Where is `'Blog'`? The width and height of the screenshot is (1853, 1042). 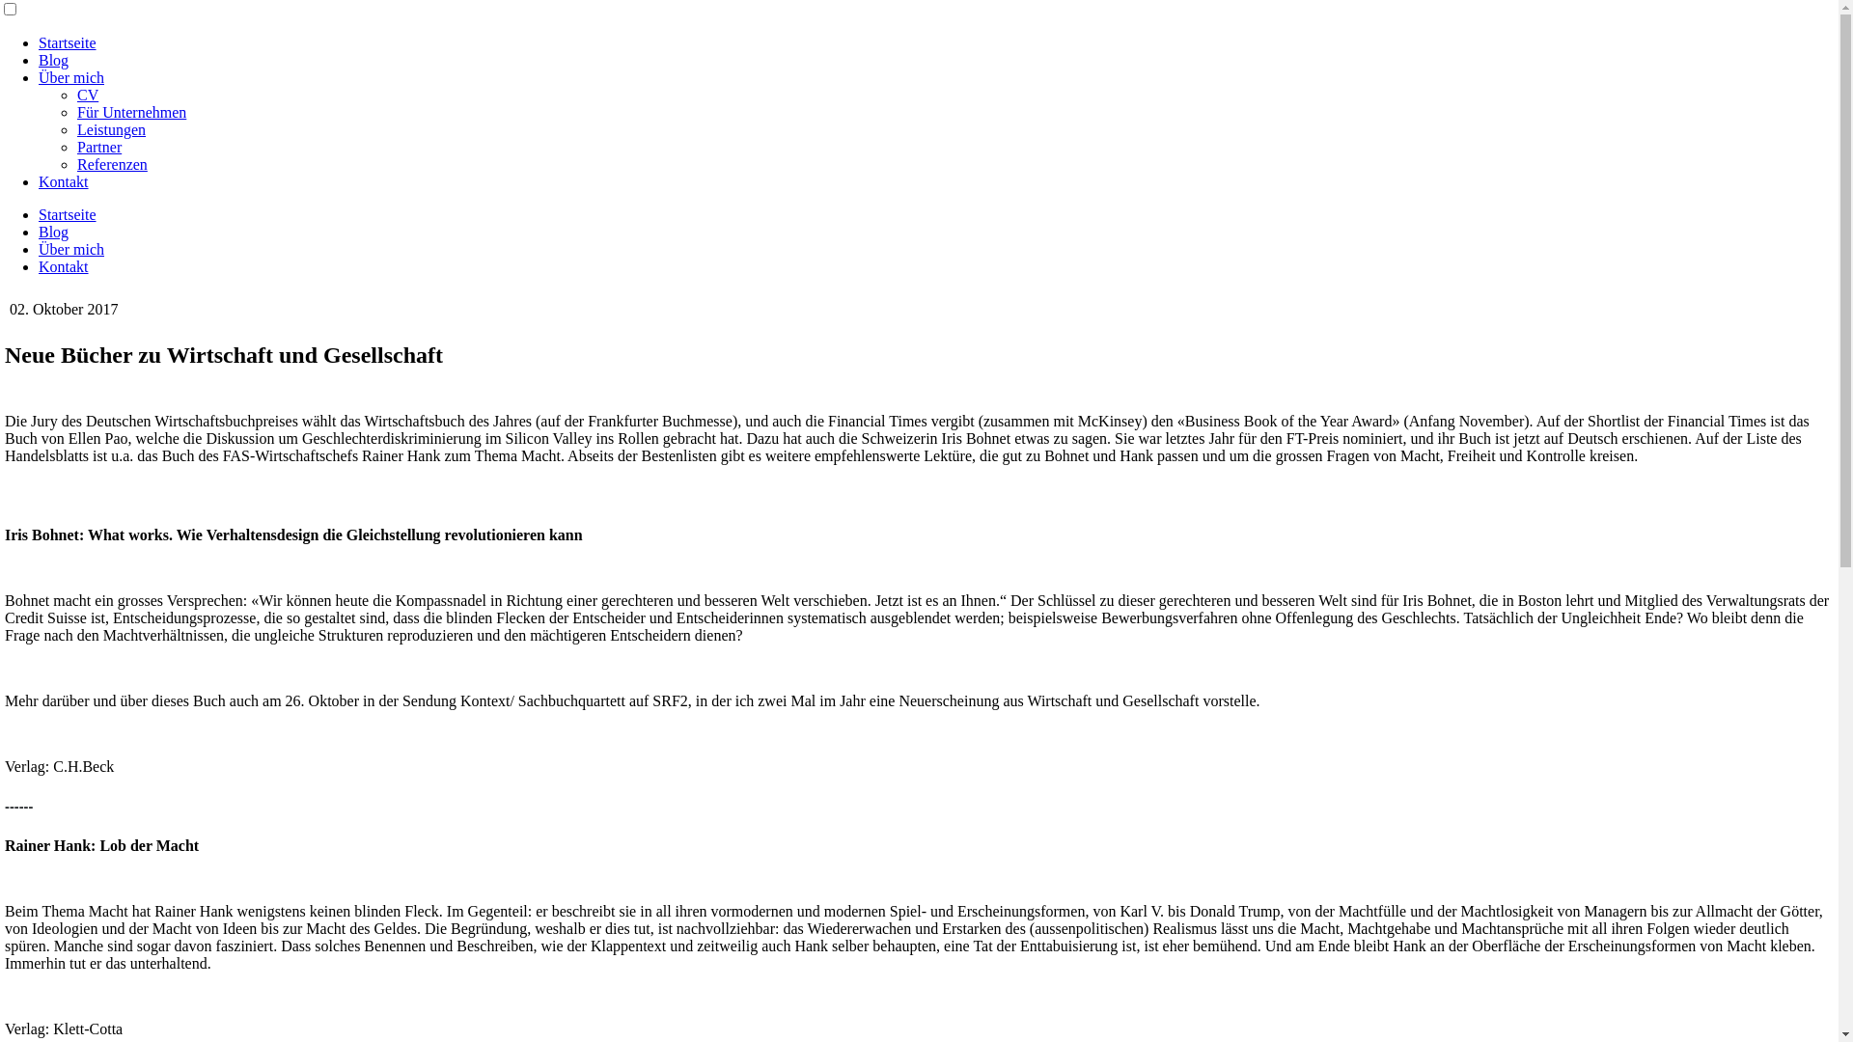 'Blog' is located at coordinates (53, 231).